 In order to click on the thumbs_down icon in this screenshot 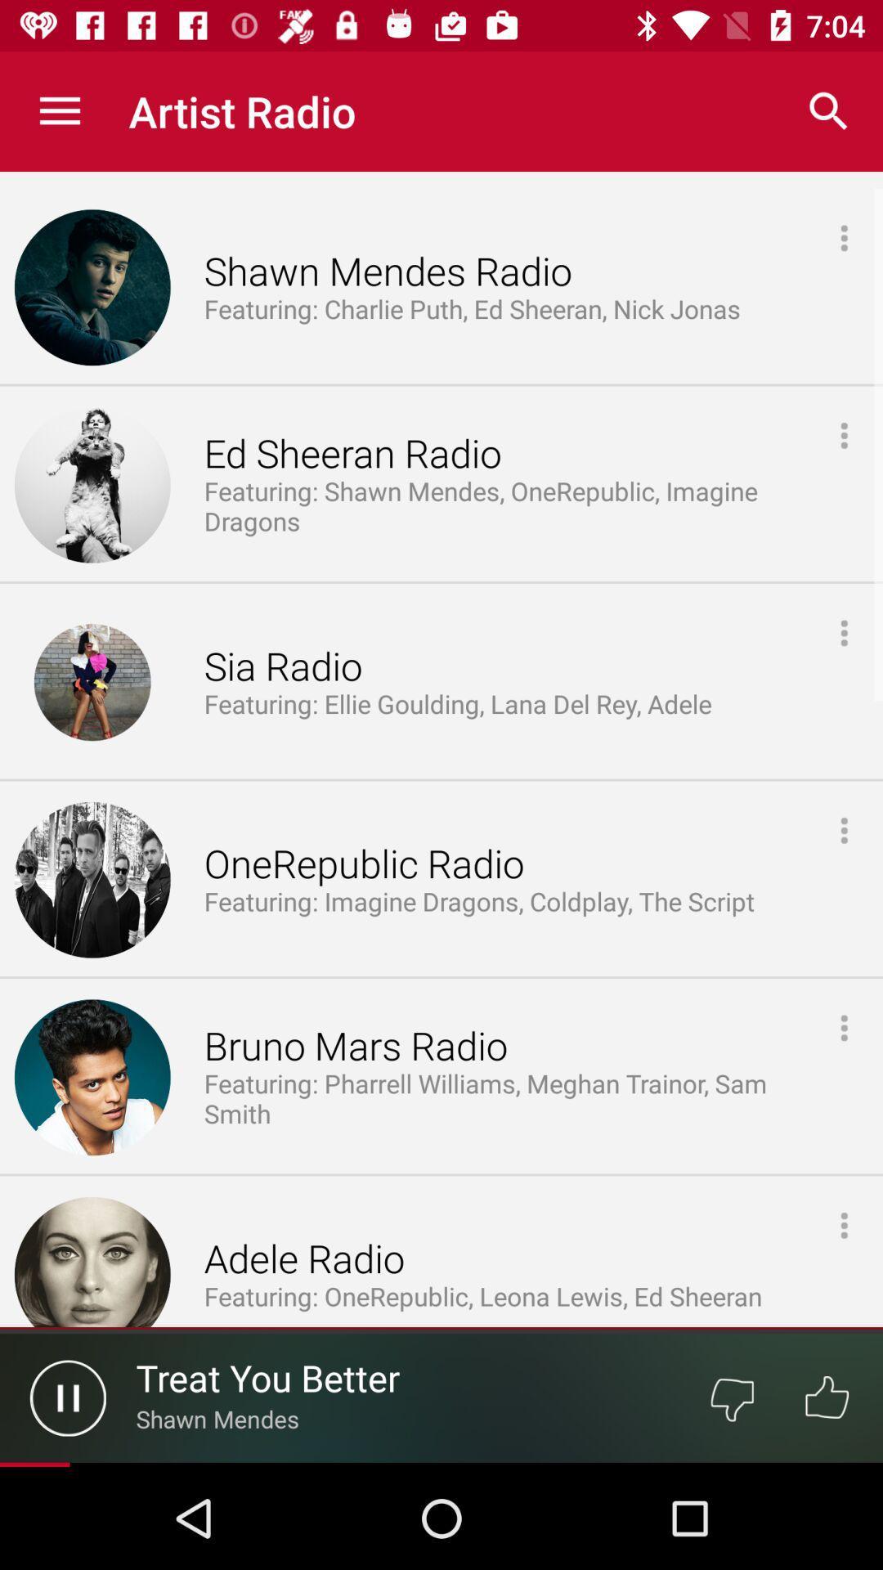, I will do `click(731, 1397)`.